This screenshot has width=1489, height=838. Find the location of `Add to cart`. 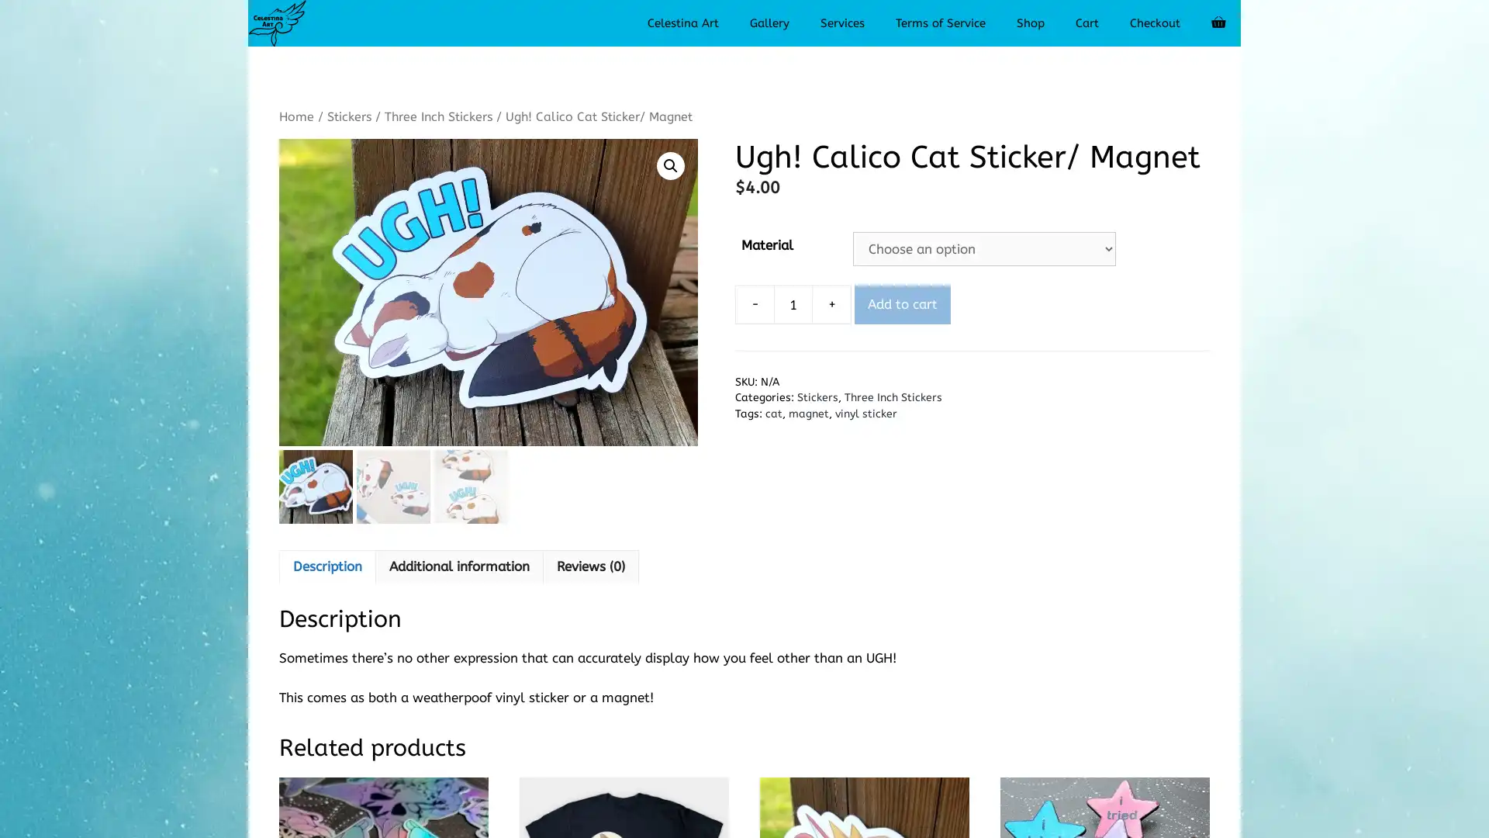

Add to cart is located at coordinates (902, 304).